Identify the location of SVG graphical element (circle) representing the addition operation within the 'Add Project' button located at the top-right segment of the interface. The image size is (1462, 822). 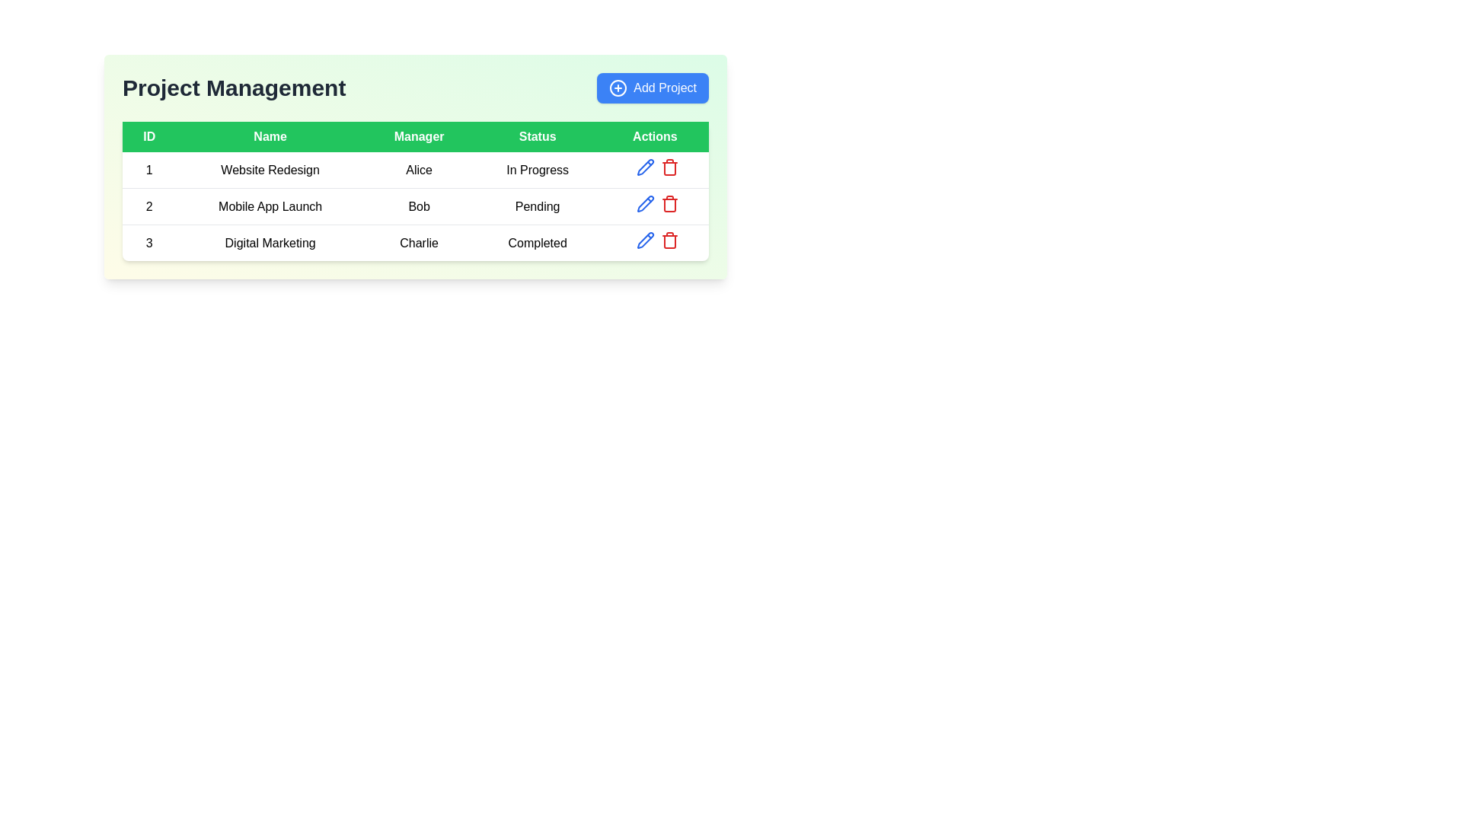
(618, 88).